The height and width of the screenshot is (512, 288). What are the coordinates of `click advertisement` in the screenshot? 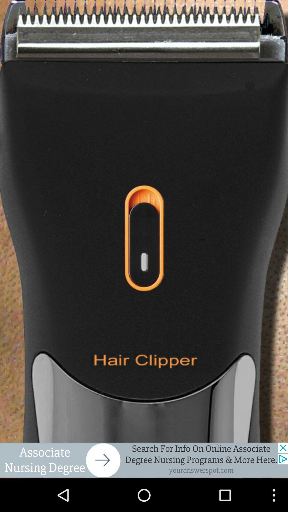 It's located at (144, 460).